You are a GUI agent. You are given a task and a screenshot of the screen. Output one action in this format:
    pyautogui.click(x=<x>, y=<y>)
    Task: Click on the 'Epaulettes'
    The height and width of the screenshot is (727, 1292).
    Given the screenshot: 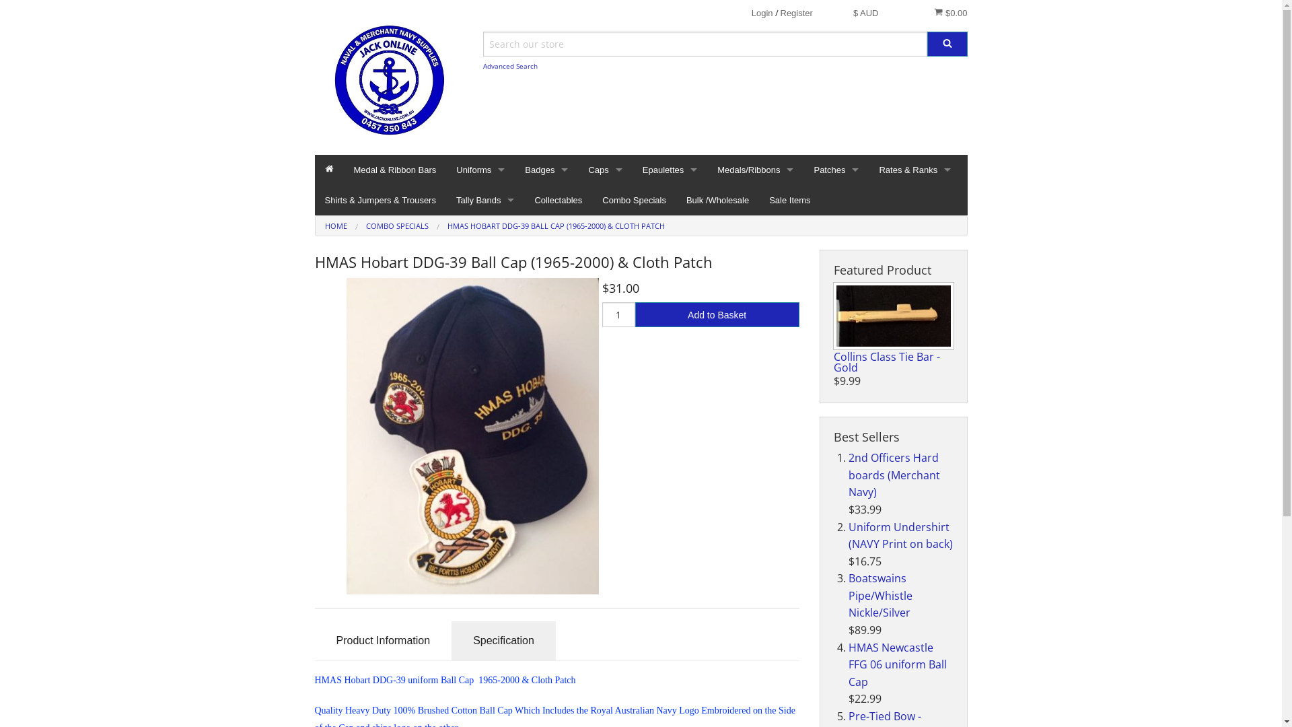 What is the action you would take?
    pyautogui.click(x=670, y=169)
    